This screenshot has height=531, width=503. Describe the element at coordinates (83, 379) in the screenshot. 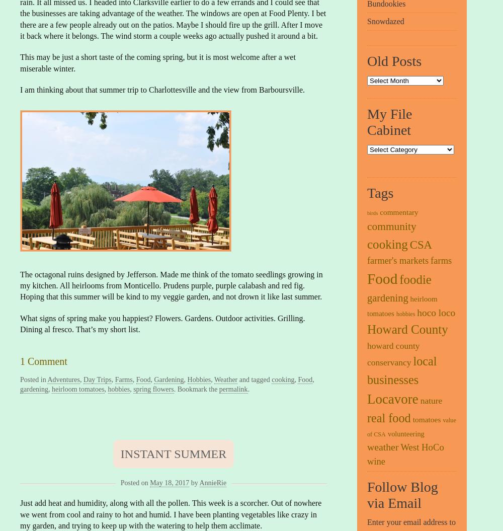

I see `'Day Trips'` at that location.